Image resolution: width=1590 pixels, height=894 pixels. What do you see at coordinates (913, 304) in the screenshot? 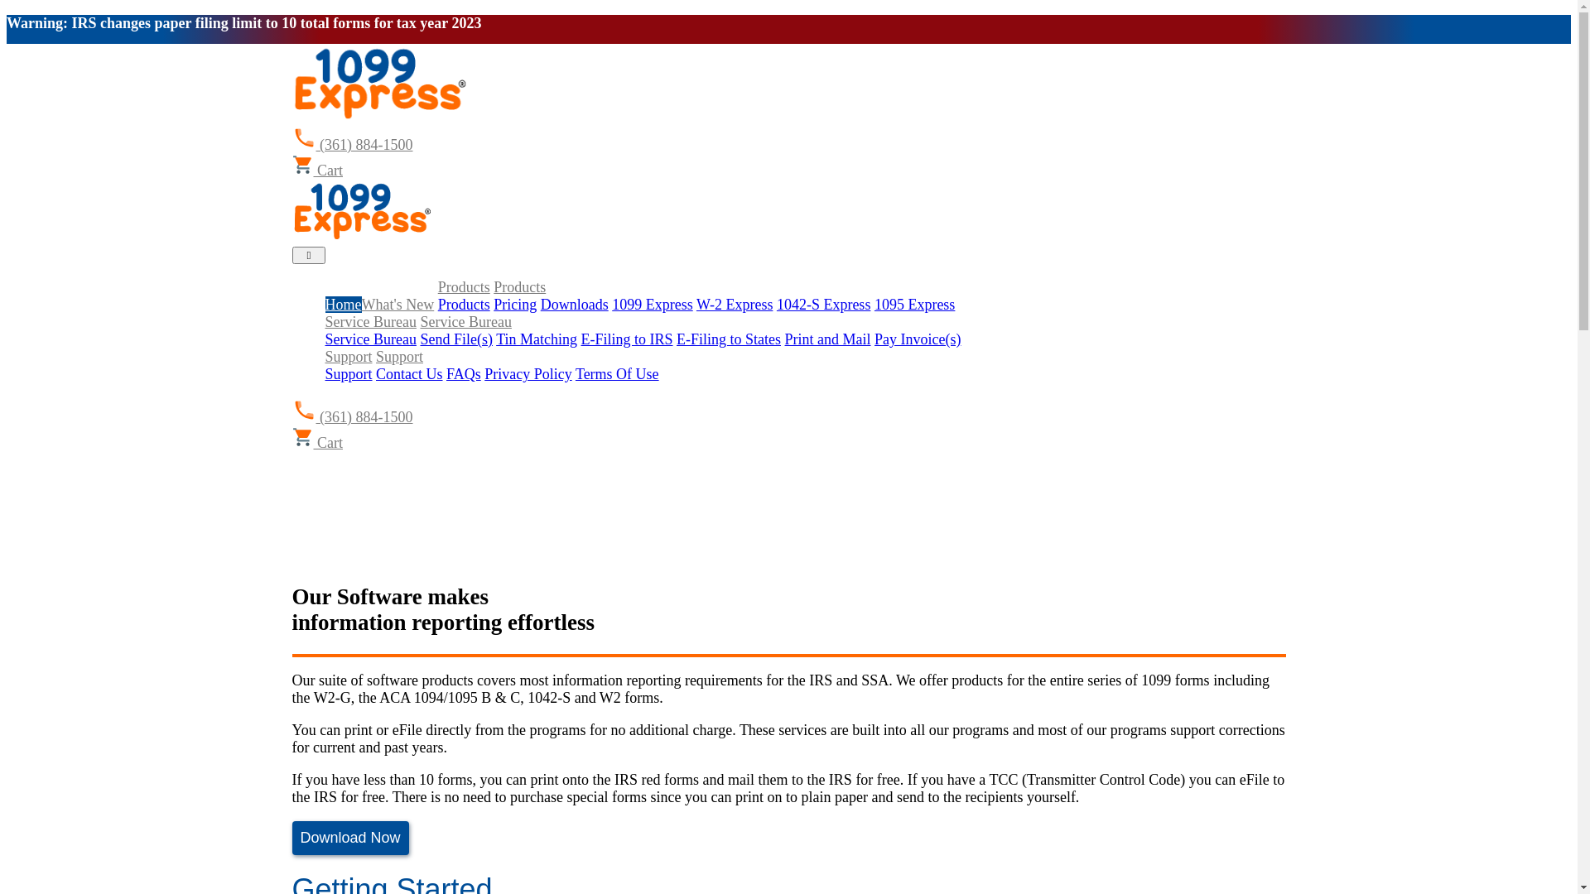
I see `'1095 Express'` at bounding box center [913, 304].